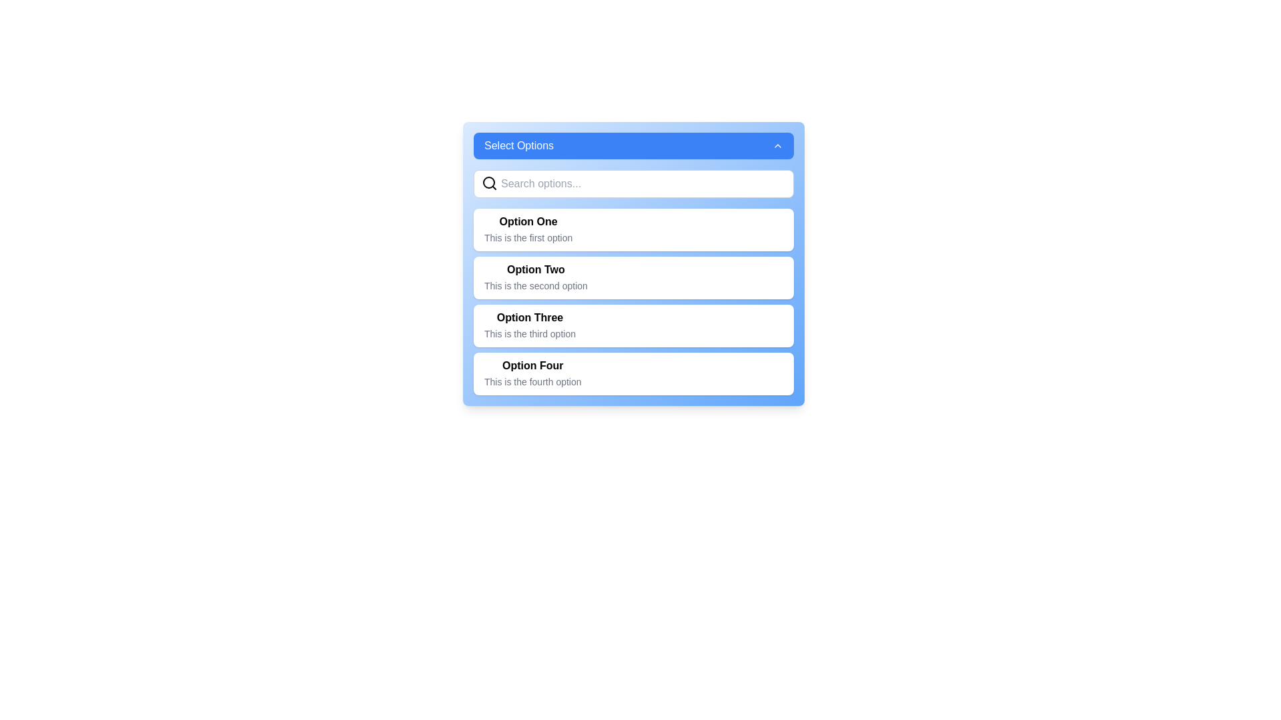  What do you see at coordinates (633, 301) in the screenshot?
I see `the third option in the dropdown menu to change its background color` at bounding box center [633, 301].